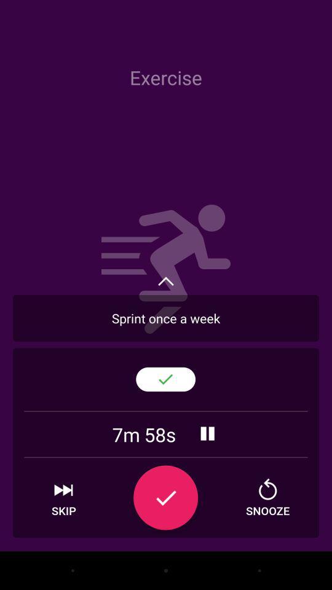  I want to click on the skip button, so click(63, 498).